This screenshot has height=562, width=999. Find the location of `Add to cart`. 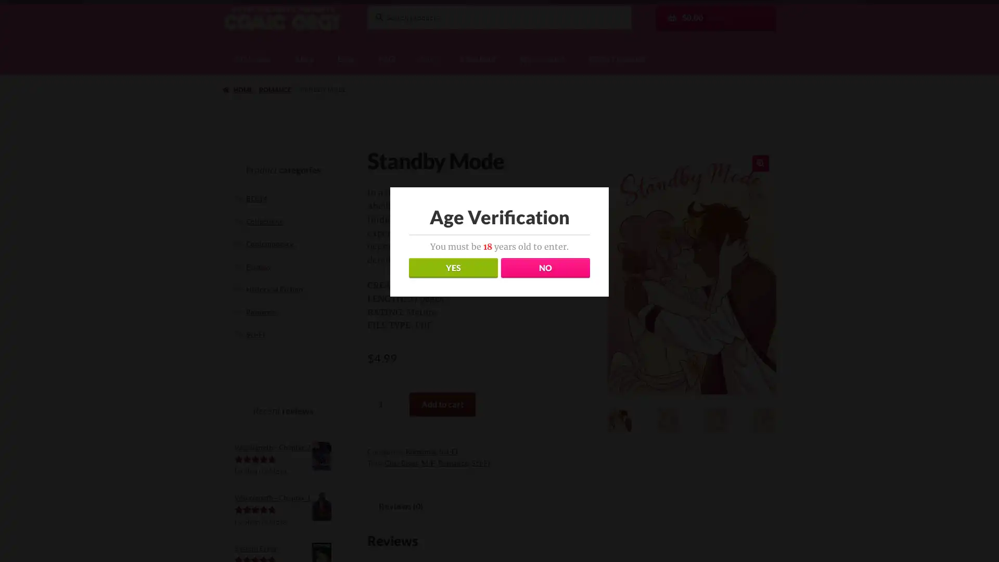

Add to cart is located at coordinates (442, 403).